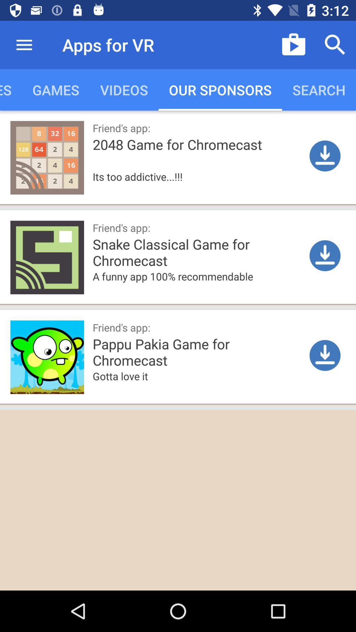  What do you see at coordinates (221, 251) in the screenshot?
I see `snake classical game item` at bounding box center [221, 251].